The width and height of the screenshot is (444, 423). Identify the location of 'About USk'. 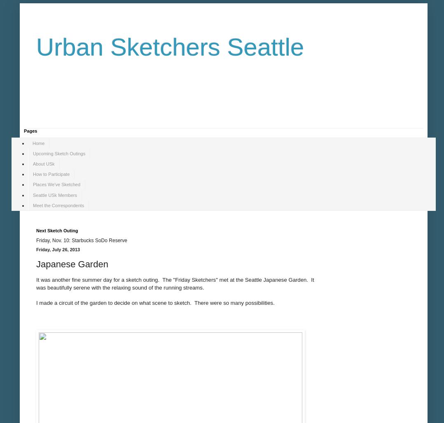
(43, 164).